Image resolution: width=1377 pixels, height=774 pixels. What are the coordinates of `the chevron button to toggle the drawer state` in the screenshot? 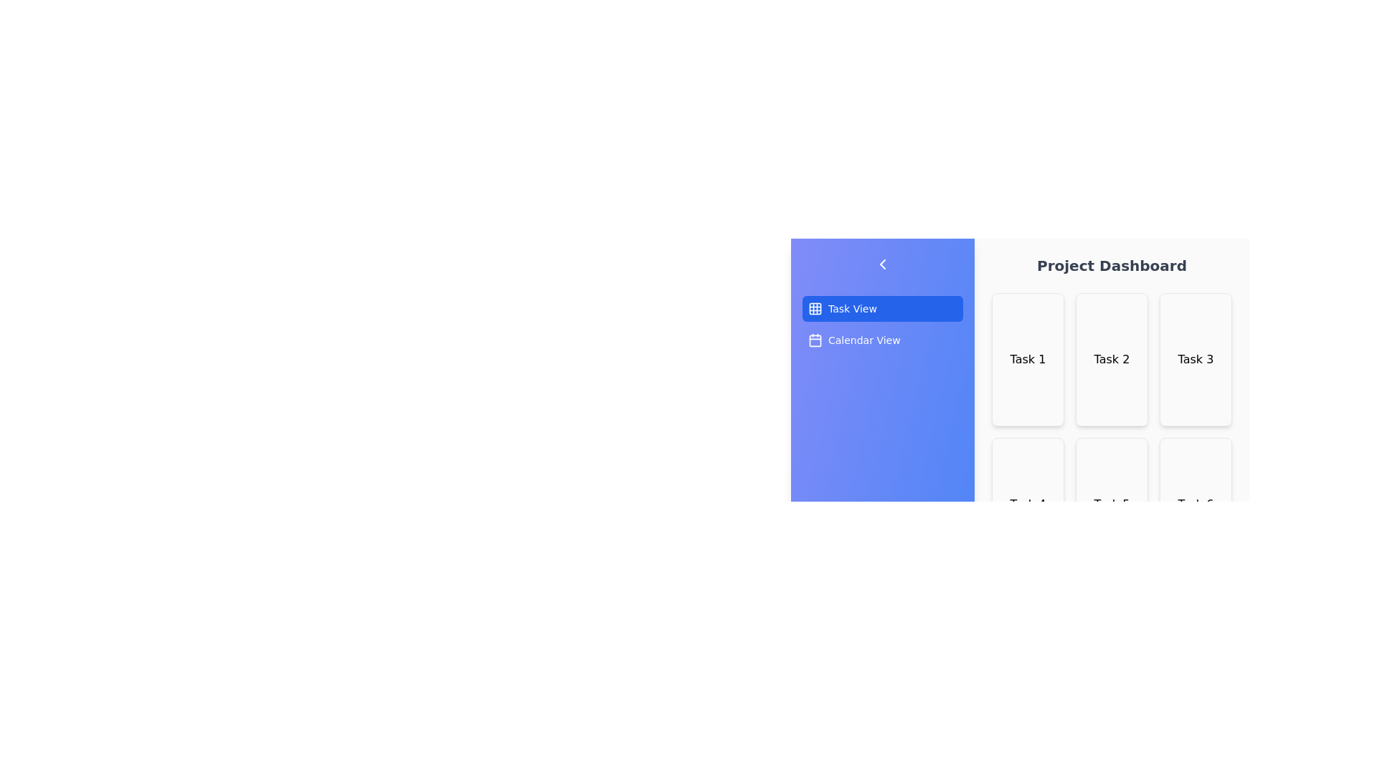 It's located at (881, 264).